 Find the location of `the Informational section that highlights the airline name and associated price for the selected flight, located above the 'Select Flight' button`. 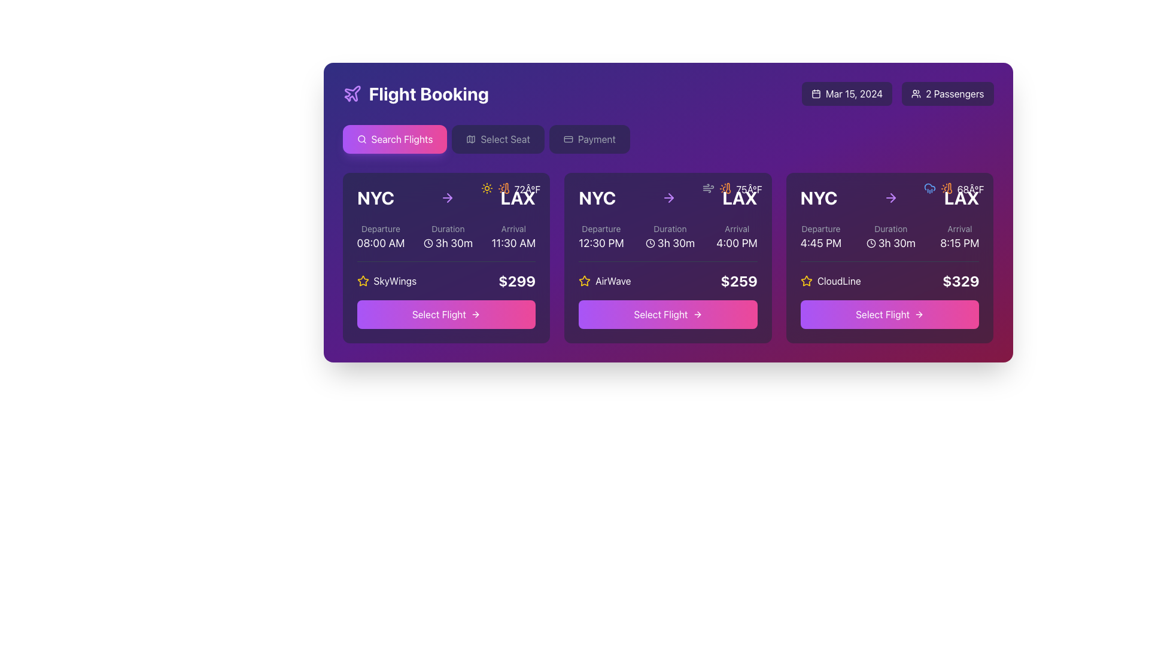

the Informational section that highlights the airline name and associated price for the selected flight, located above the 'Select Flight' button is located at coordinates (445, 276).